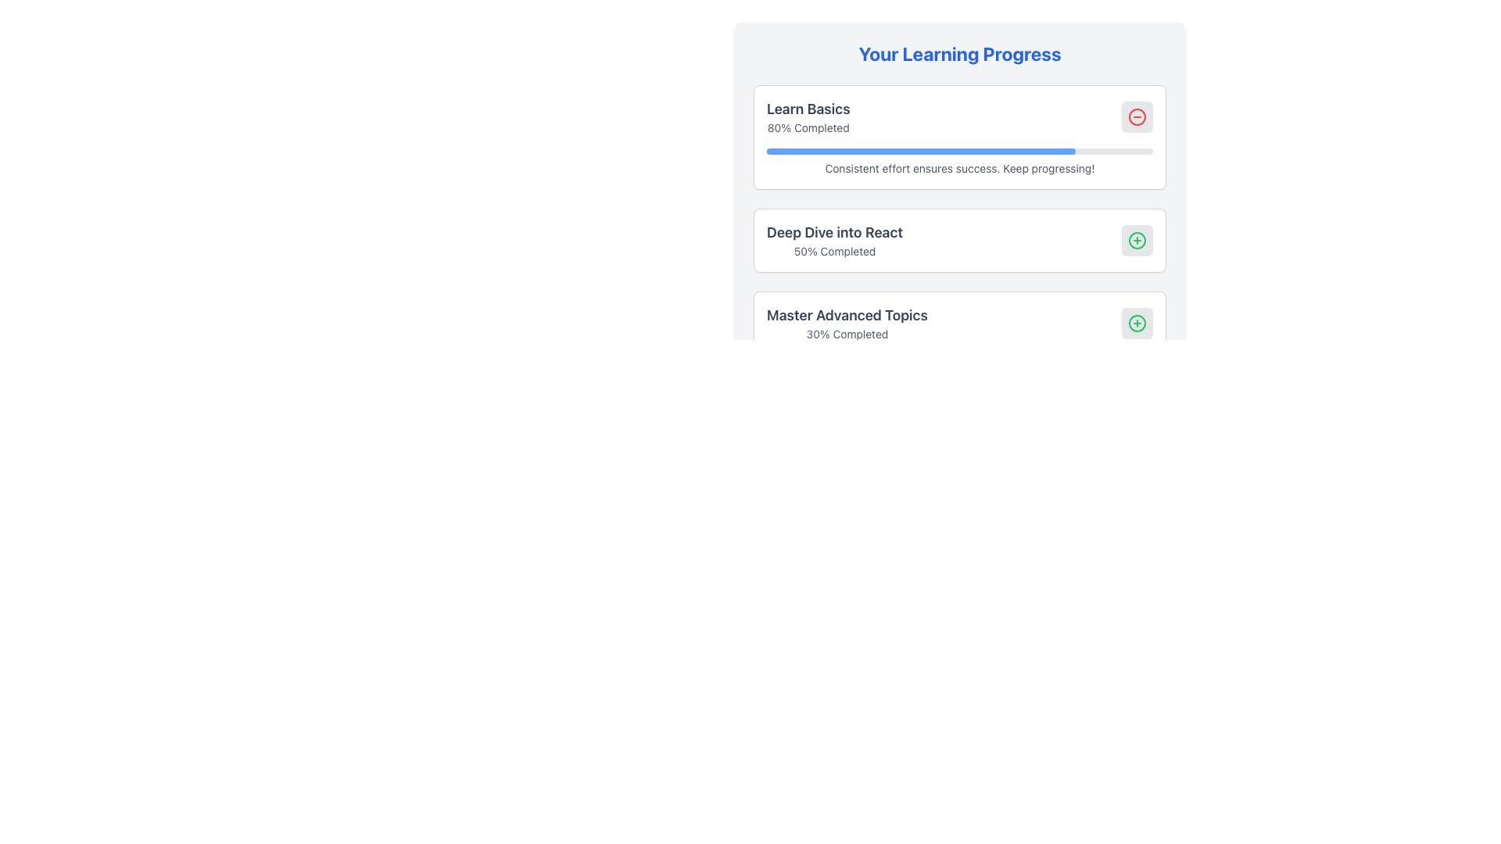  I want to click on title text of the card labeled 'Master Advanced Topics', which is centered at the top of the card below 'Deep Dive into React', so click(847, 316).